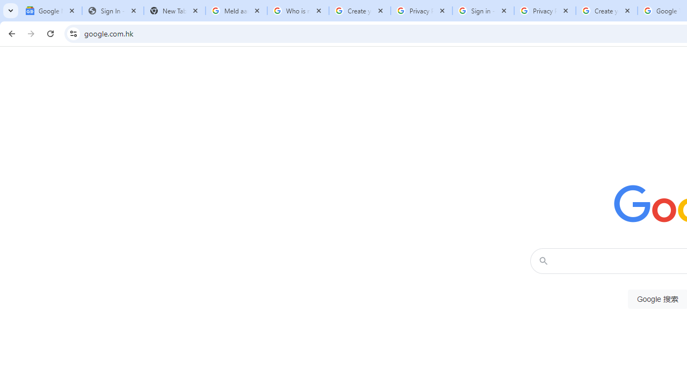 The width and height of the screenshot is (687, 386). What do you see at coordinates (112, 11) in the screenshot?
I see `'Sign In - USA TODAY'` at bounding box center [112, 11].